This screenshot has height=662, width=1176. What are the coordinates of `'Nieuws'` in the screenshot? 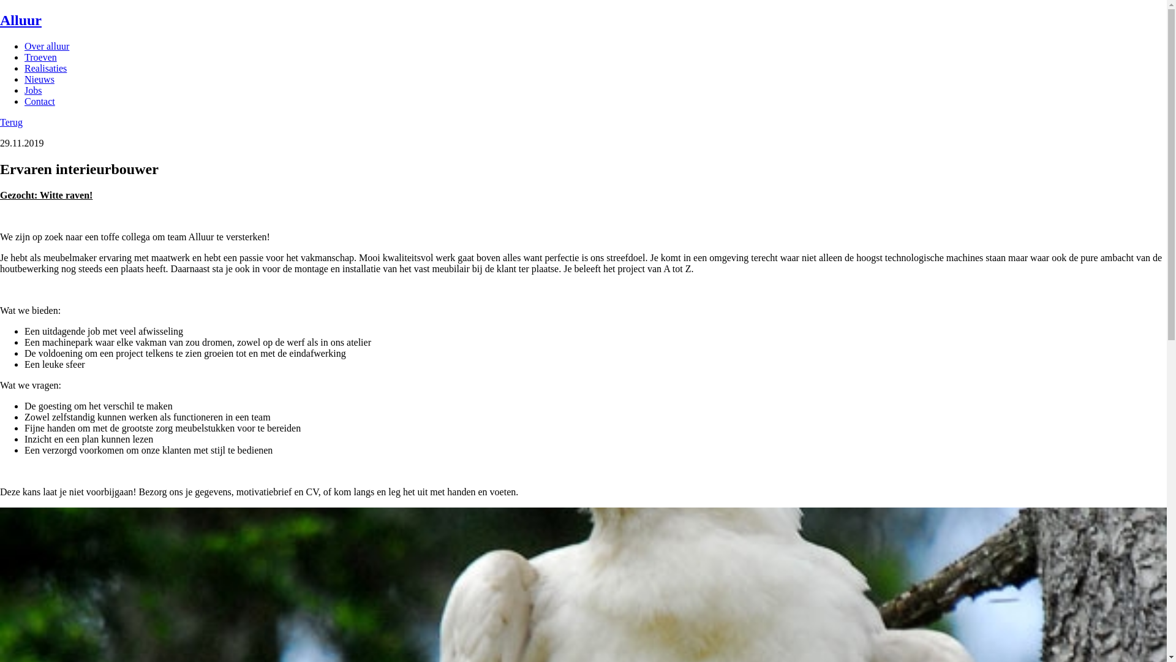 It's located at (24, 79).